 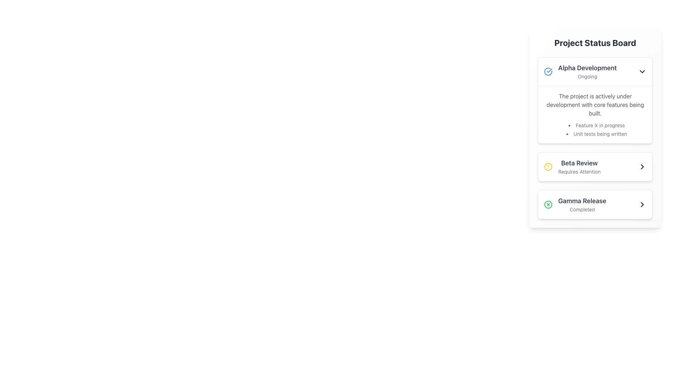 I want to click on the circle with a checkmark icon indicating a completed status for the 'Alpha Development' label, so click(x=548, y=71).